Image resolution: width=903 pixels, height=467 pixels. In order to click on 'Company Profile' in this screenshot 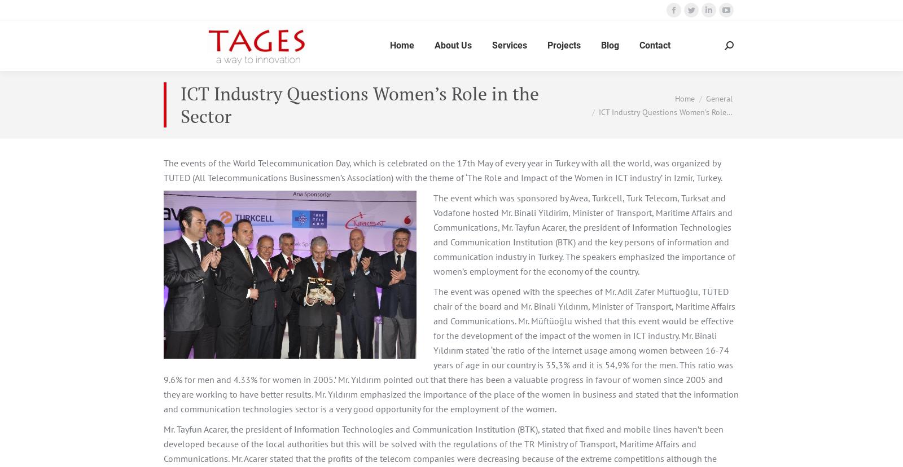, I will do `click(436, 86)`.